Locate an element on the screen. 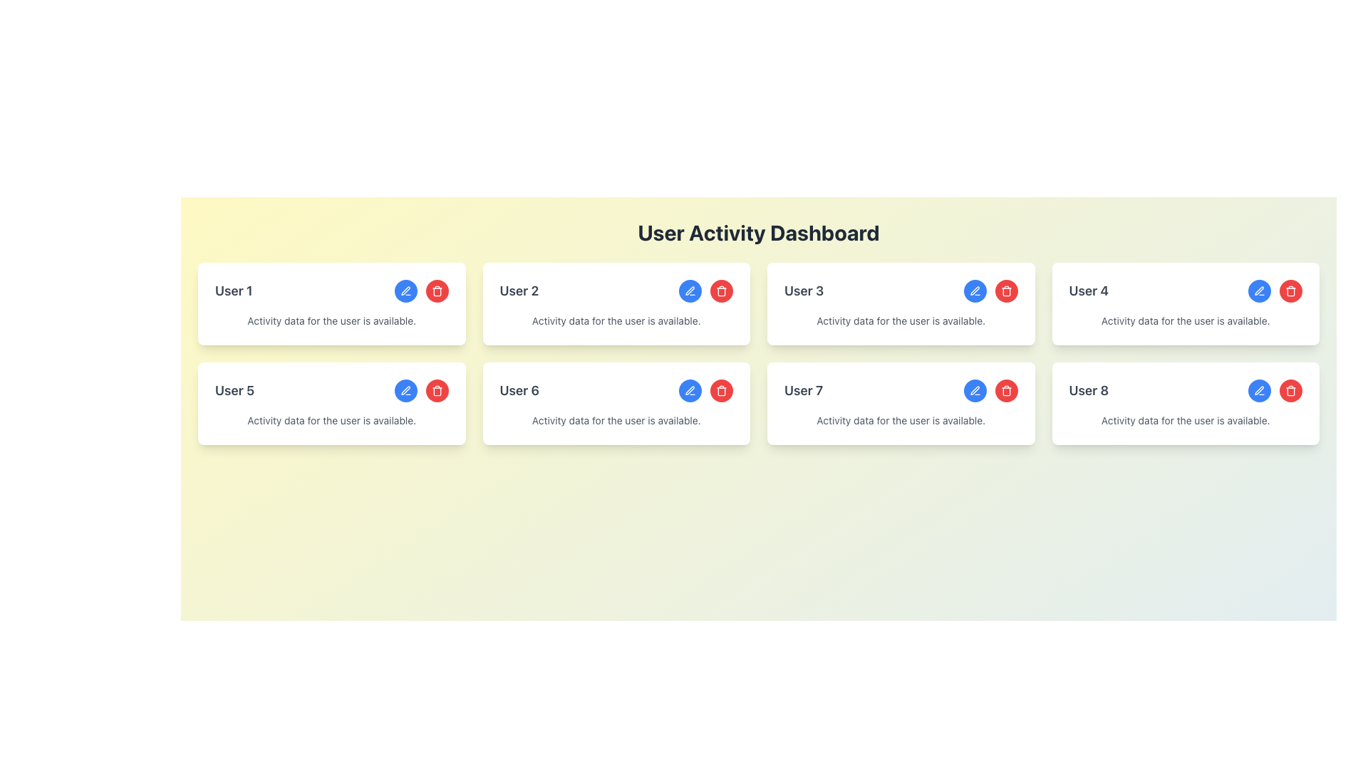  the static informational text located within the card for 'User 5', positioned in the second row and first column of the grid layout is located at coordinates (331, 419).